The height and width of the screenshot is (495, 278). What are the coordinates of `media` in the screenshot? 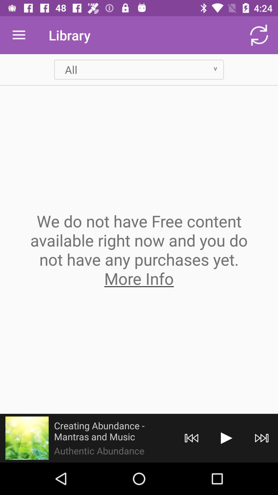 It's located at (226, 438).